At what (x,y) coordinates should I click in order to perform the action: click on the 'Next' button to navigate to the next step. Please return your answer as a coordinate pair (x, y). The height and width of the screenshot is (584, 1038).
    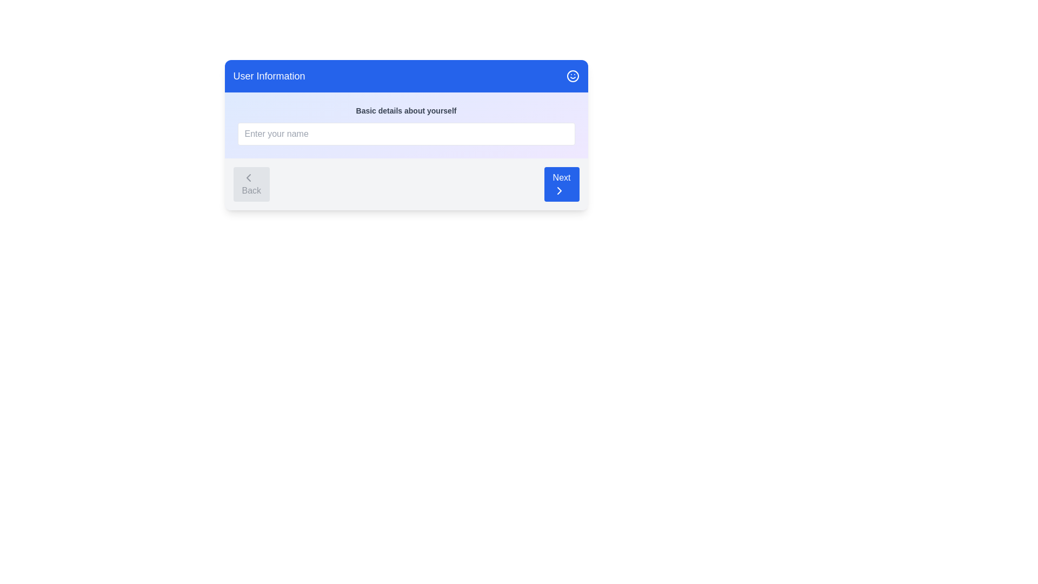
    Looking at the image, I should click on (561, 183).